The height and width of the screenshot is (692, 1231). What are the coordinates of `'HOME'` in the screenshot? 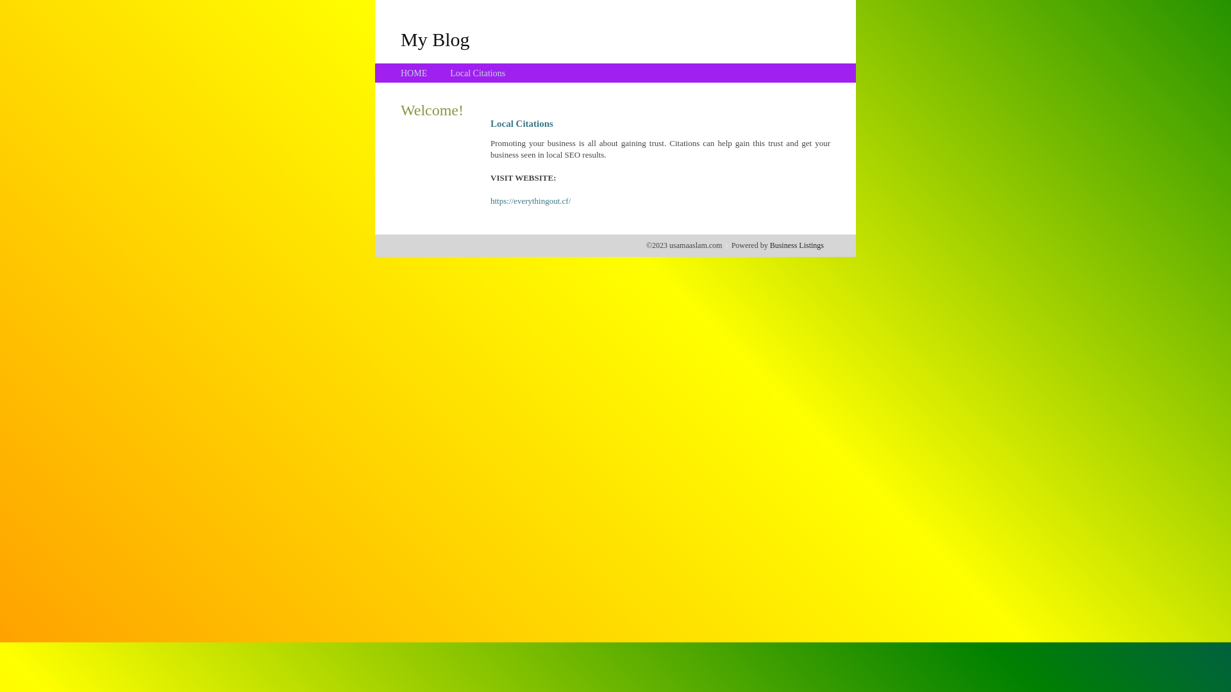 It's located at (414, 73).